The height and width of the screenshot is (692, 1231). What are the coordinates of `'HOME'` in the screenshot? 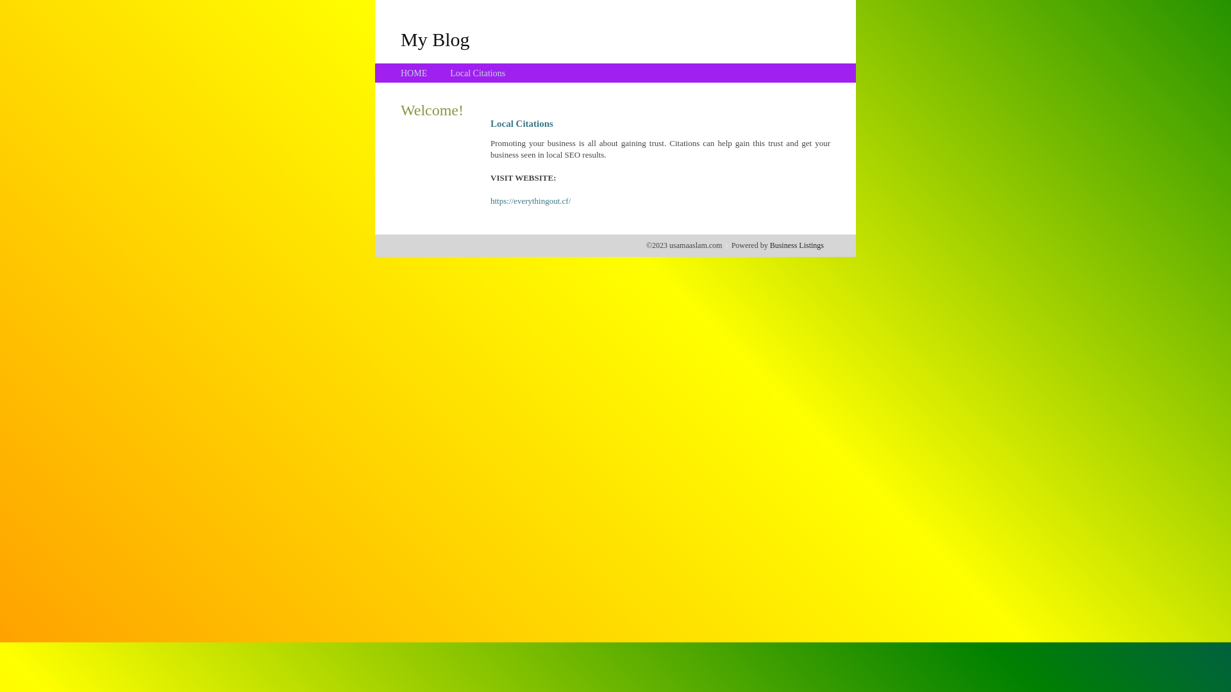 It's located at (414, 73).